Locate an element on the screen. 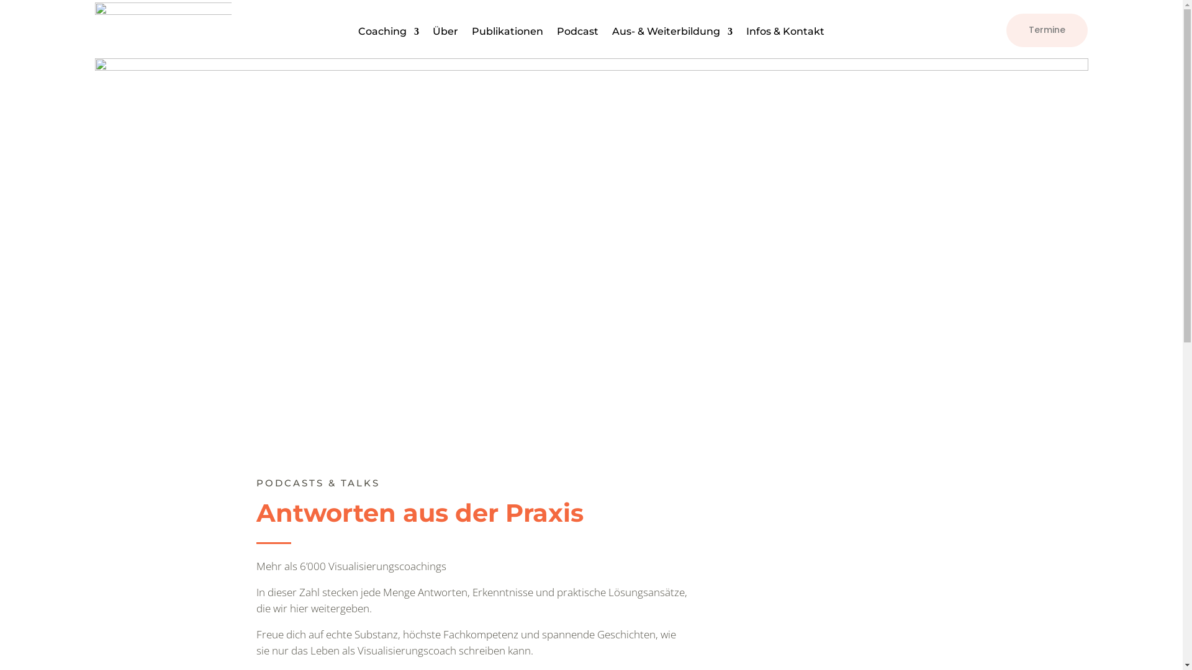 This screenshot has height=670, width=1192. 'Infos & Kontakt' is located at coordinates (785, 33).